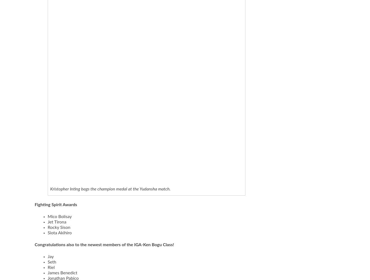 Image resolution: width=370 pixels, height=280 pixels. Describe the element at coordinates (47, 267) in the screenshot. I see `'Riel'` at that location.